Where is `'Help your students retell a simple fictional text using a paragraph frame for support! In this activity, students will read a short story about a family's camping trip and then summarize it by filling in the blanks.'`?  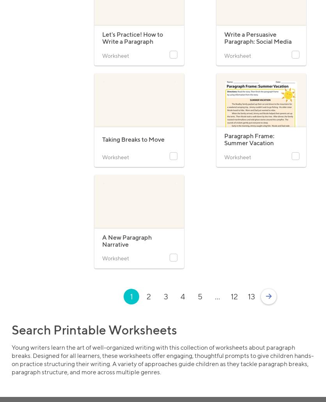 'Help your students retell a simple fictional text using a paragraph frame for support! In this activity, students will read a short story about a family's camping trip and then summarize it by filling in the blanks.' is located at coordinates (259, 176).